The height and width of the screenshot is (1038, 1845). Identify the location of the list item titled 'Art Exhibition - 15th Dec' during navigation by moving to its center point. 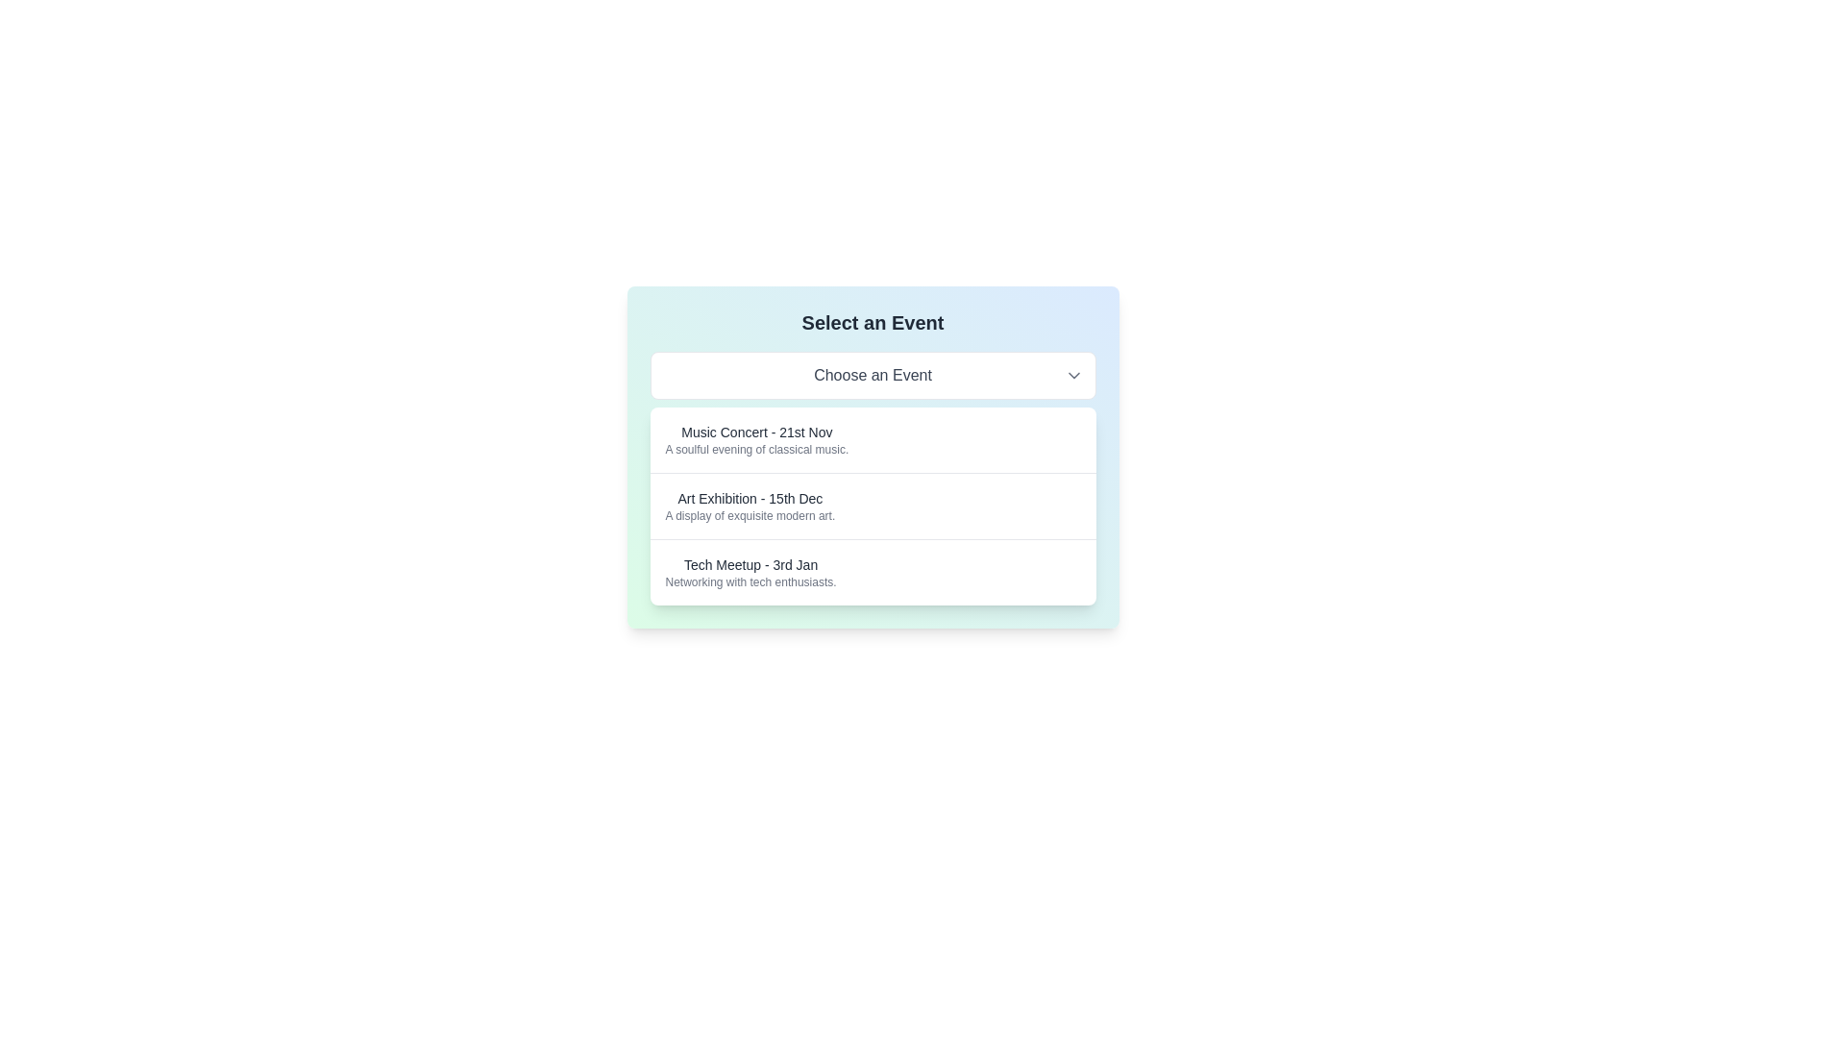
(872, 506).